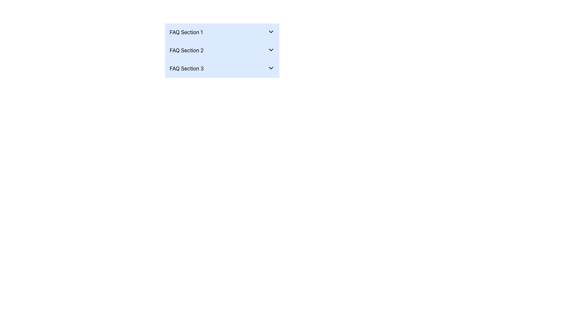 This screenshot has width=572, height=321. What do you see at coordinates (271, 32) in the screenshot?
I see `the chevron down icon button located to the right of 'FAQ Section 1'` at bounding box center [271, 32].